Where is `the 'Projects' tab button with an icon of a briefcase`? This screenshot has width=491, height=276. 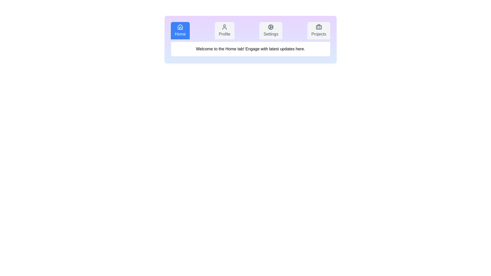
the 'Projects' tab button with an icon of a briefcase is located at coordinates (318, 30).